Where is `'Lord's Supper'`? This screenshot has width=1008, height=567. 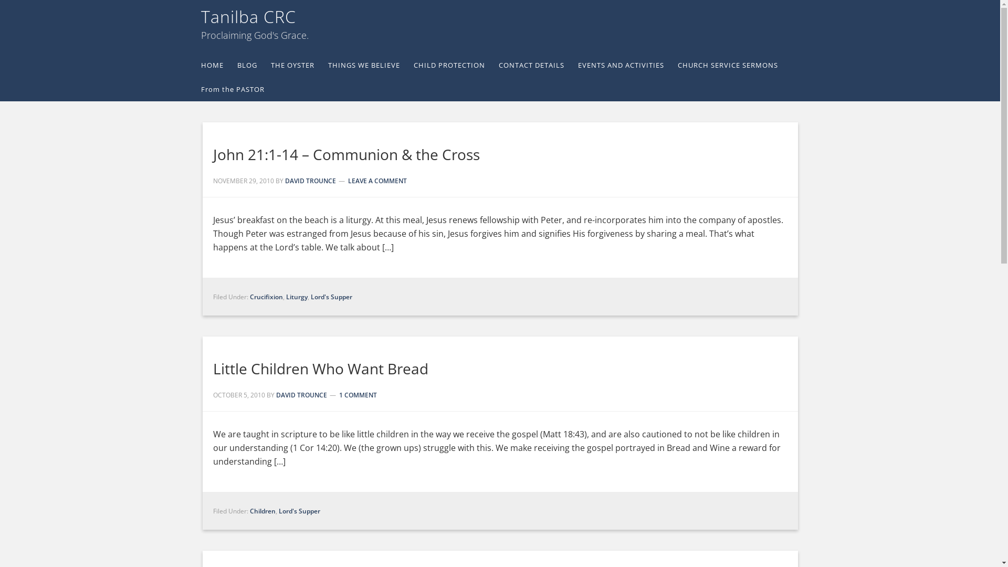
'Lord's Supper' is located at coordinates (298, 510).